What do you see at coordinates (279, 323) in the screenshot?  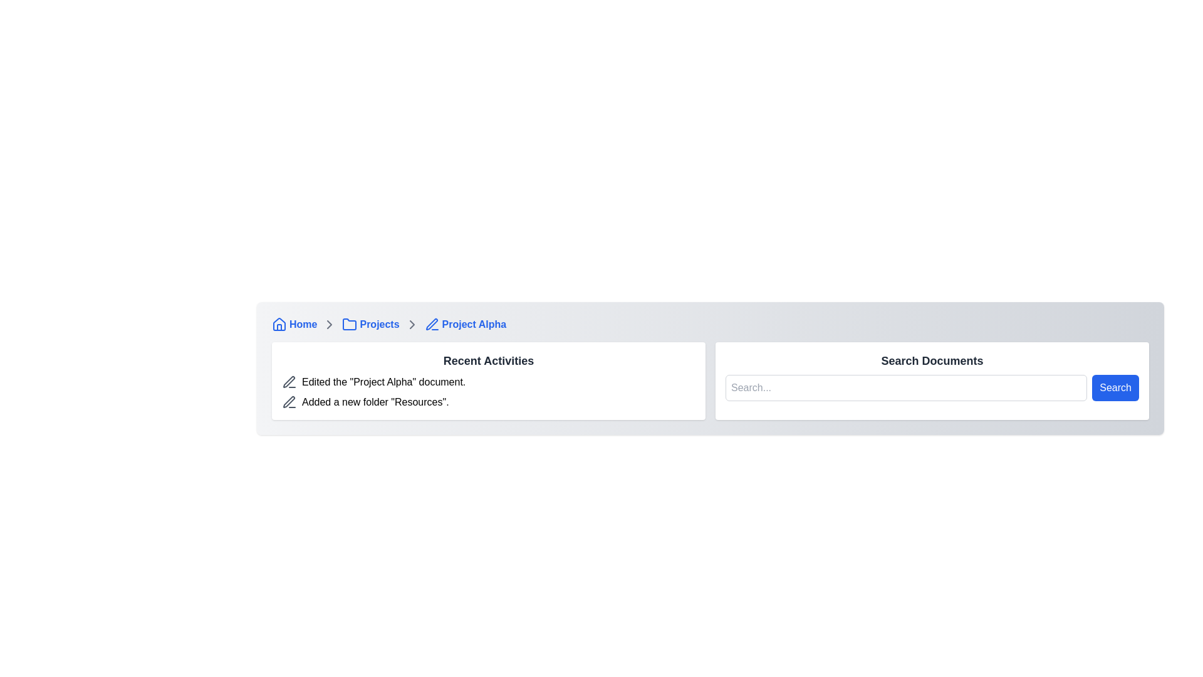 I see `the 'Home' icon in the breadcrumb navigation` at bounding box center [279, 323].